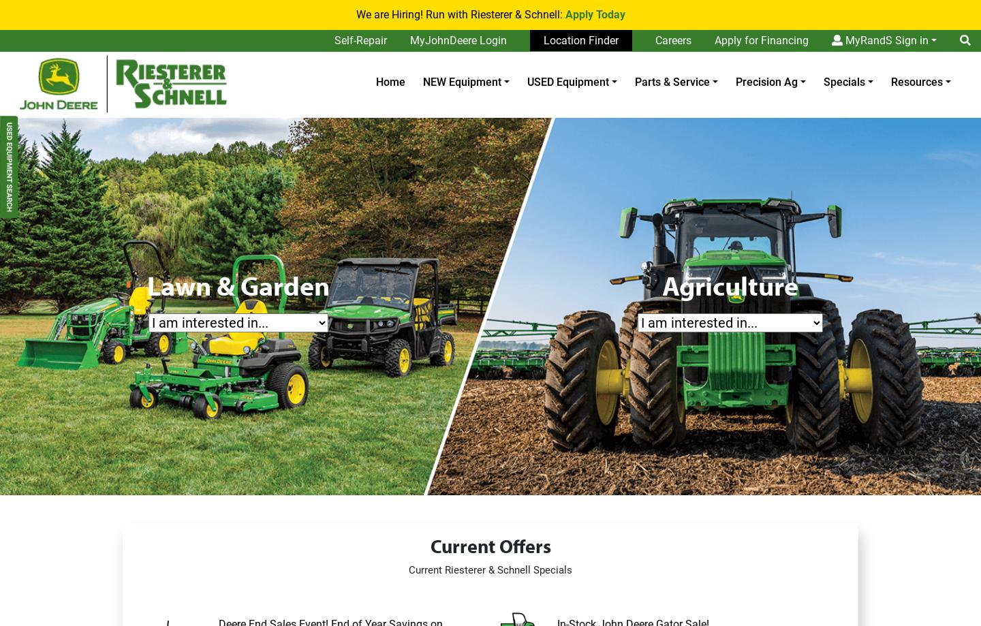  Describe the element at coordinates (390, 81) in the screenshot. I see `'Home'` at that location.